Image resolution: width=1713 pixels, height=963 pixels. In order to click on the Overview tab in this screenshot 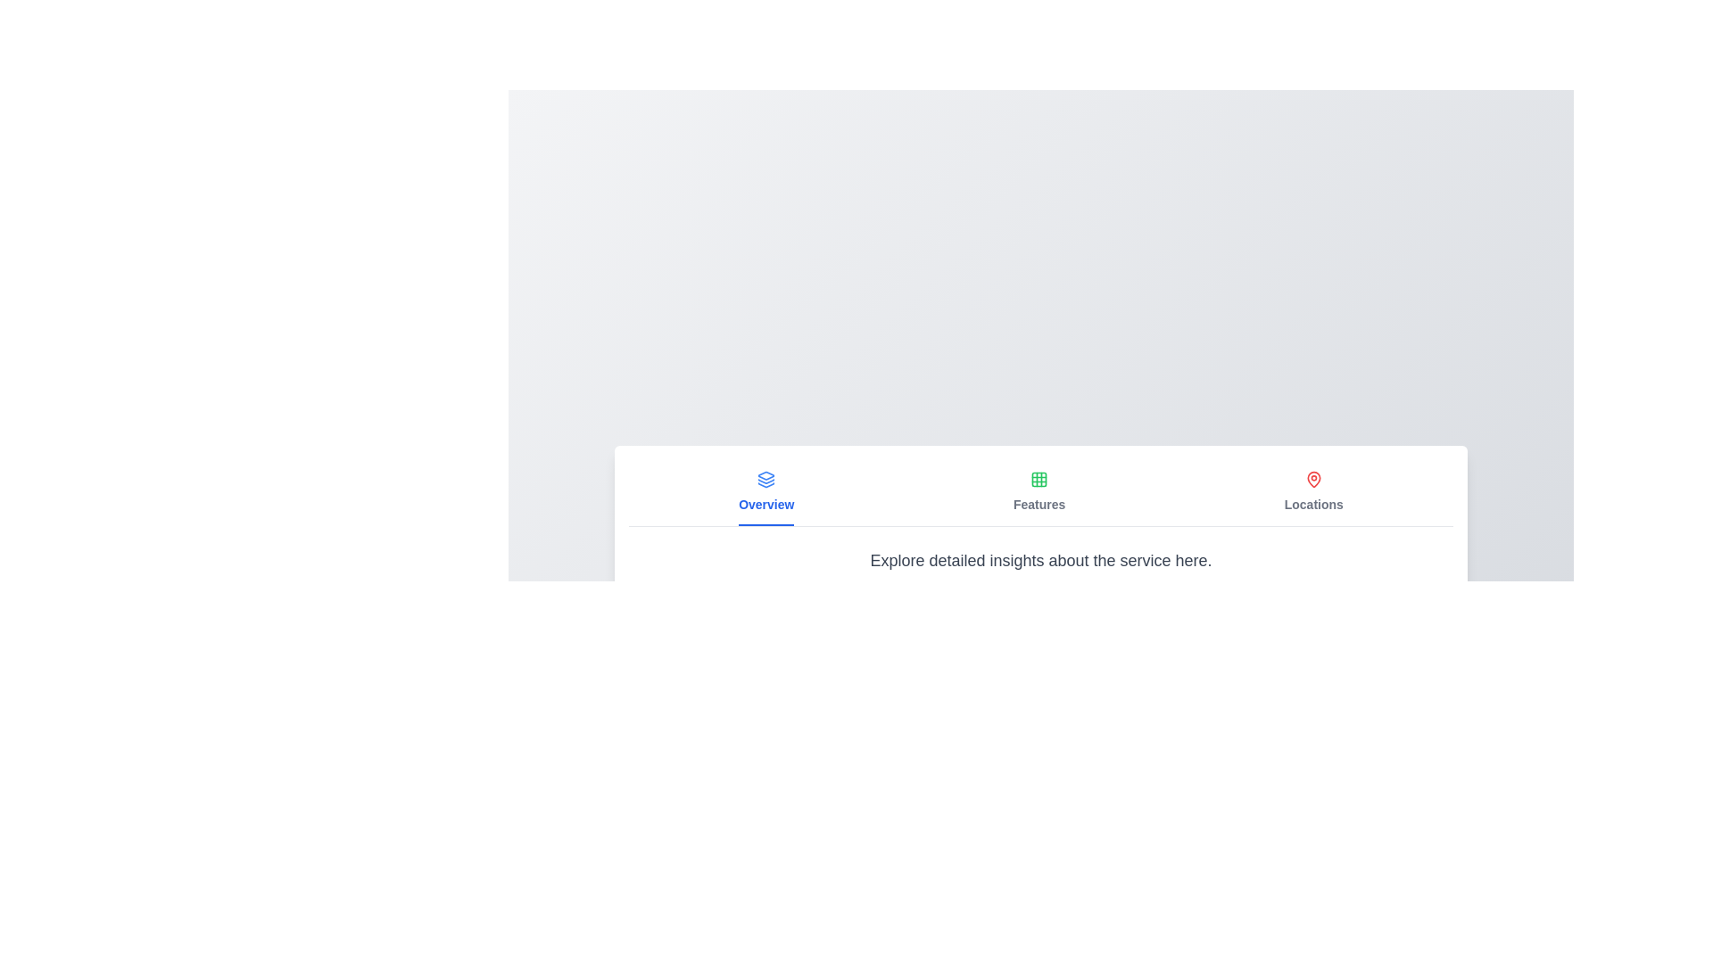, I will do `click(766, 492)`.